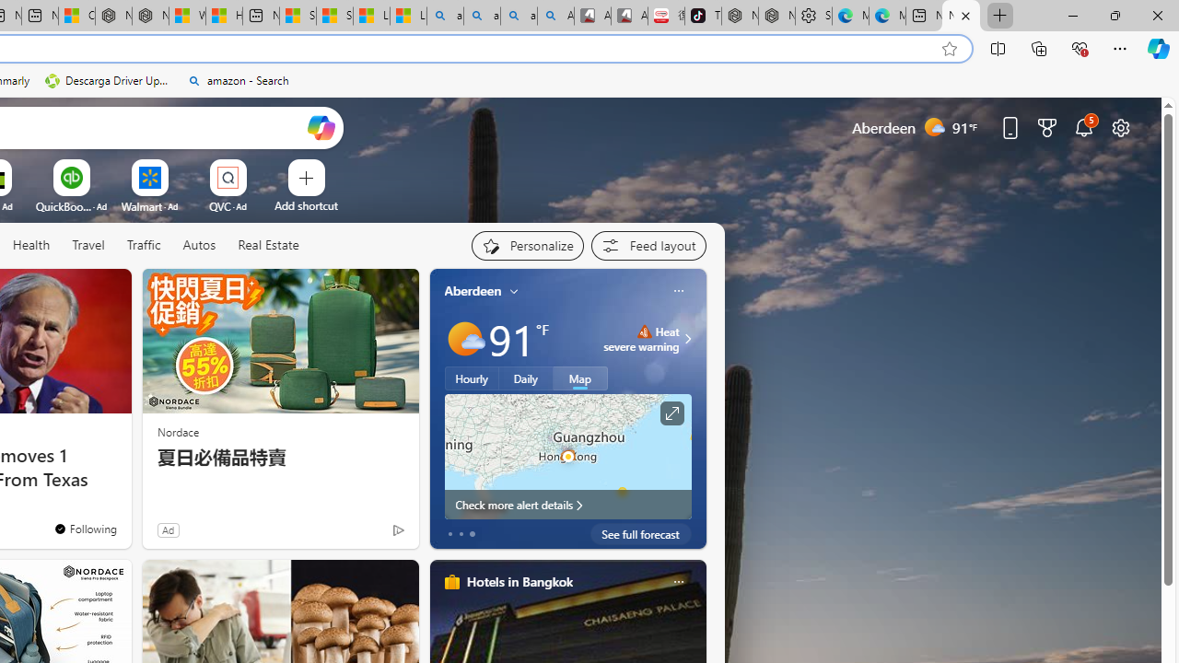 This screenshot has height=663, width=1179. What do you see at coordinates (518, 16) in the screenshot?
I see `'amazon - Search Images'` at bounding box center [518, 16].